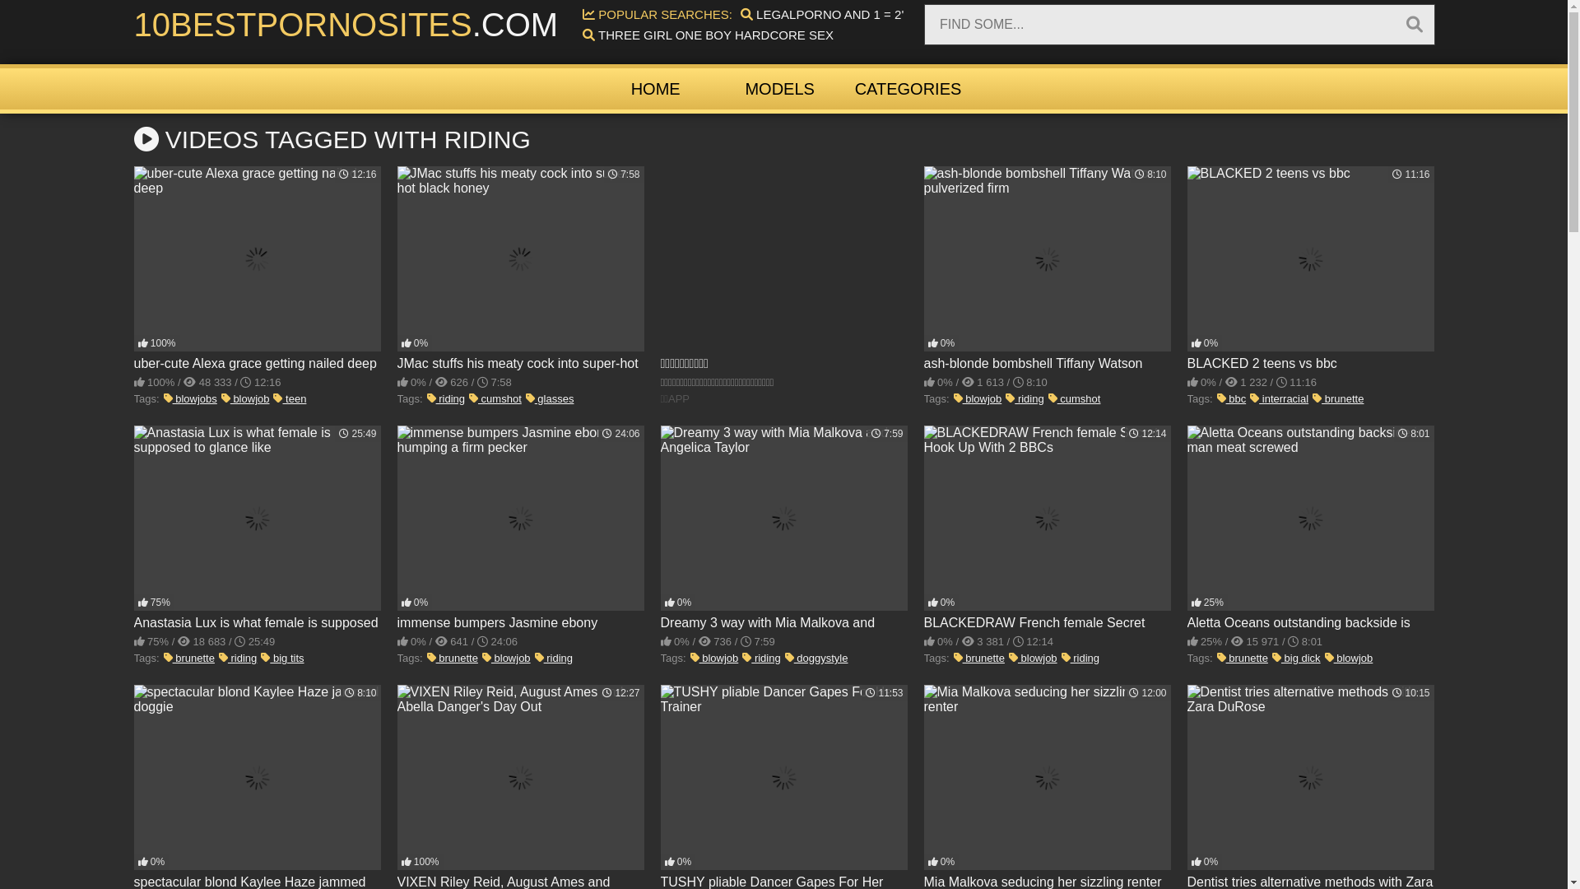  Describe the element at coordinates (190, 398) in the screenshot. I see `'blowjobs'` at that location.